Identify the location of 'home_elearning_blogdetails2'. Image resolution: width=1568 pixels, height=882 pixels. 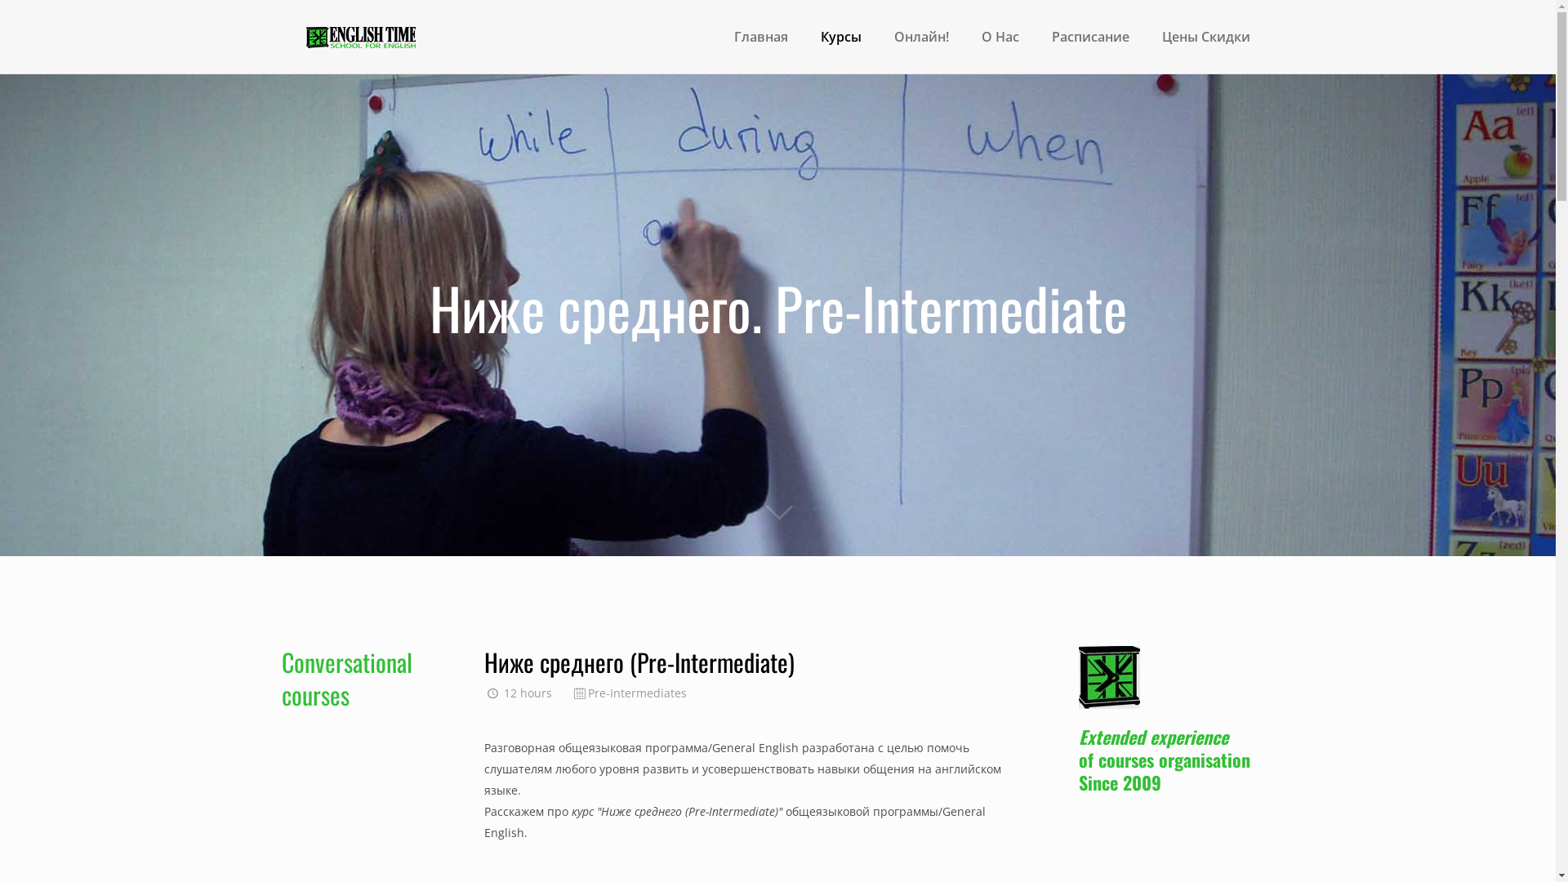
(1109, 677).